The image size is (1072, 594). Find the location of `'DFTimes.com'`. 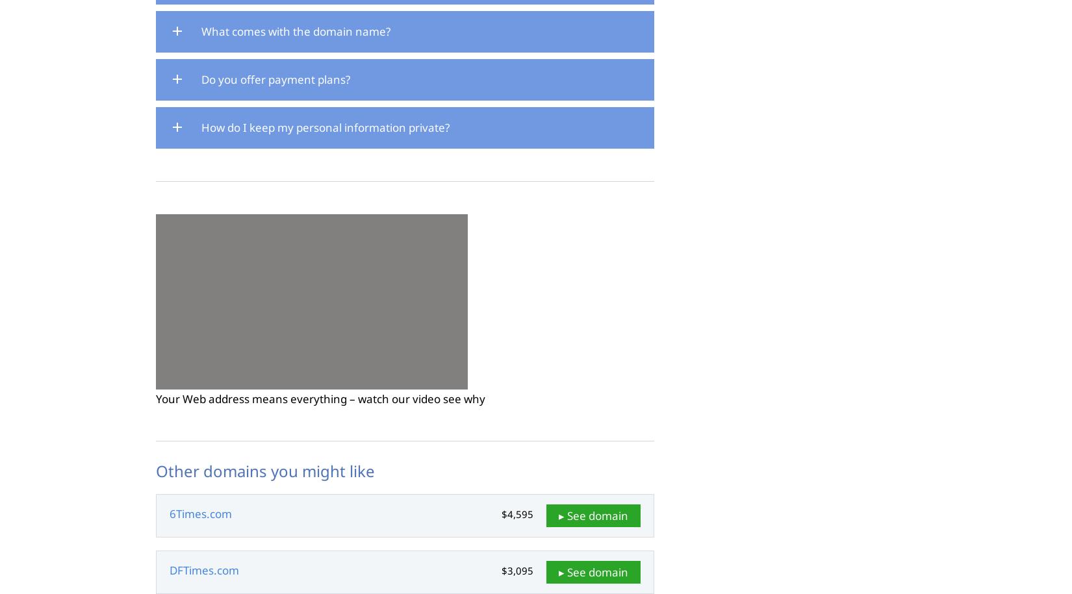

'DFTimes.com' is located at coordinates (204, 569).